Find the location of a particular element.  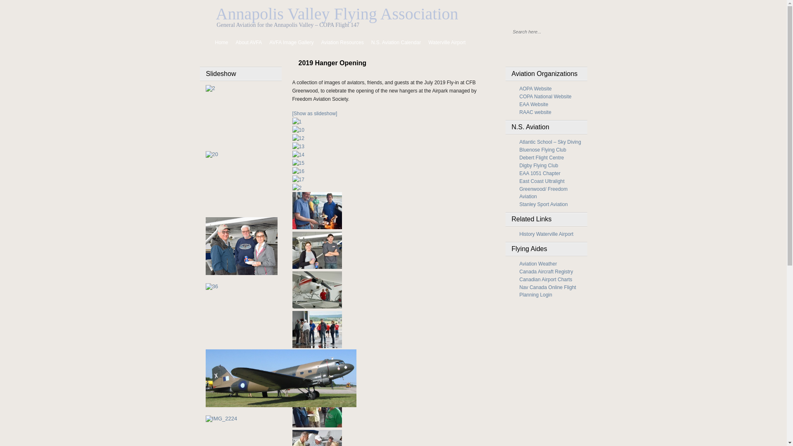

'EAA 1051 Chapter' is located at coordinates (540, 173).